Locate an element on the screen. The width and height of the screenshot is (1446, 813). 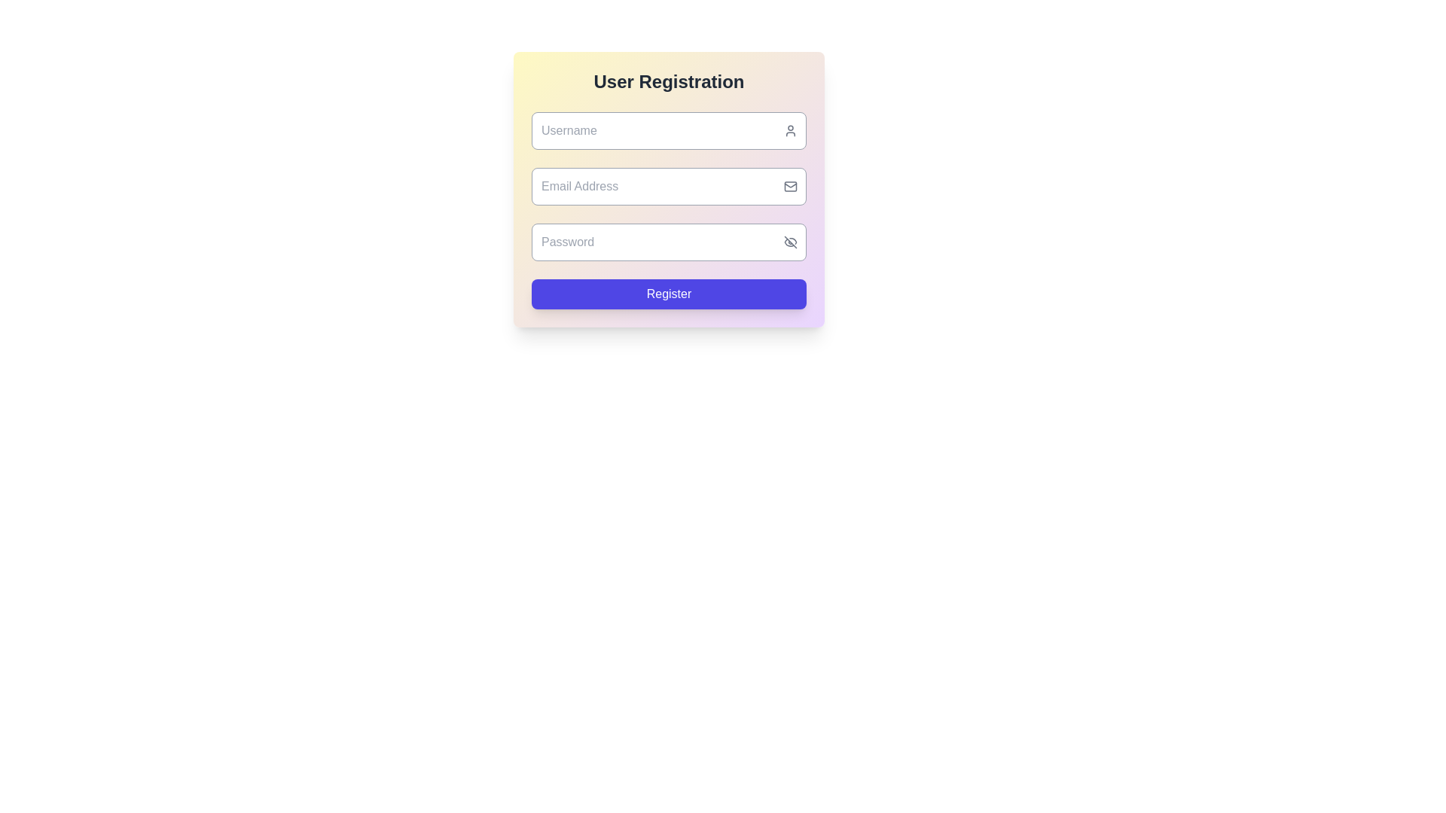
the Password input field in the 'Register' form to focus and type the password is located at coordinates (668, 241).